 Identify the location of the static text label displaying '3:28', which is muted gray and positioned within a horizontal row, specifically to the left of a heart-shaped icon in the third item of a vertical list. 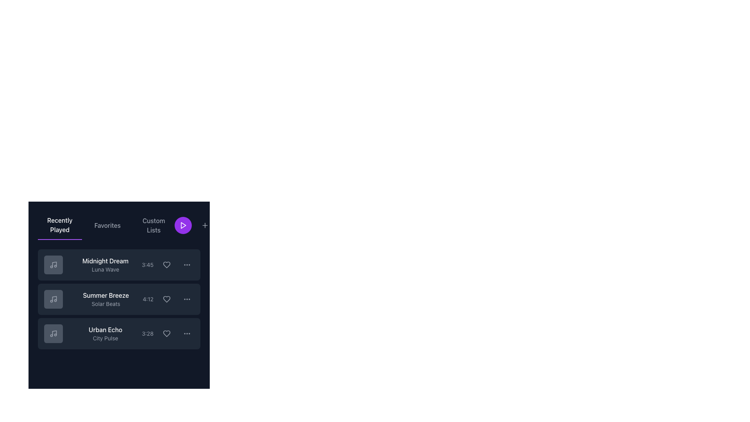
(148, 333).